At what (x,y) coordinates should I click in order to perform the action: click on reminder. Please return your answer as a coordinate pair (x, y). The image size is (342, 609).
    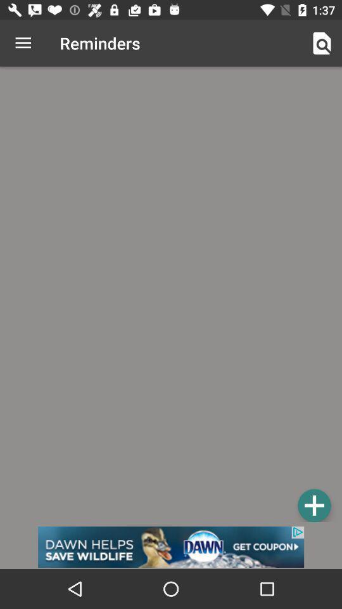
    Looking at the image, I should click on (313, 505).